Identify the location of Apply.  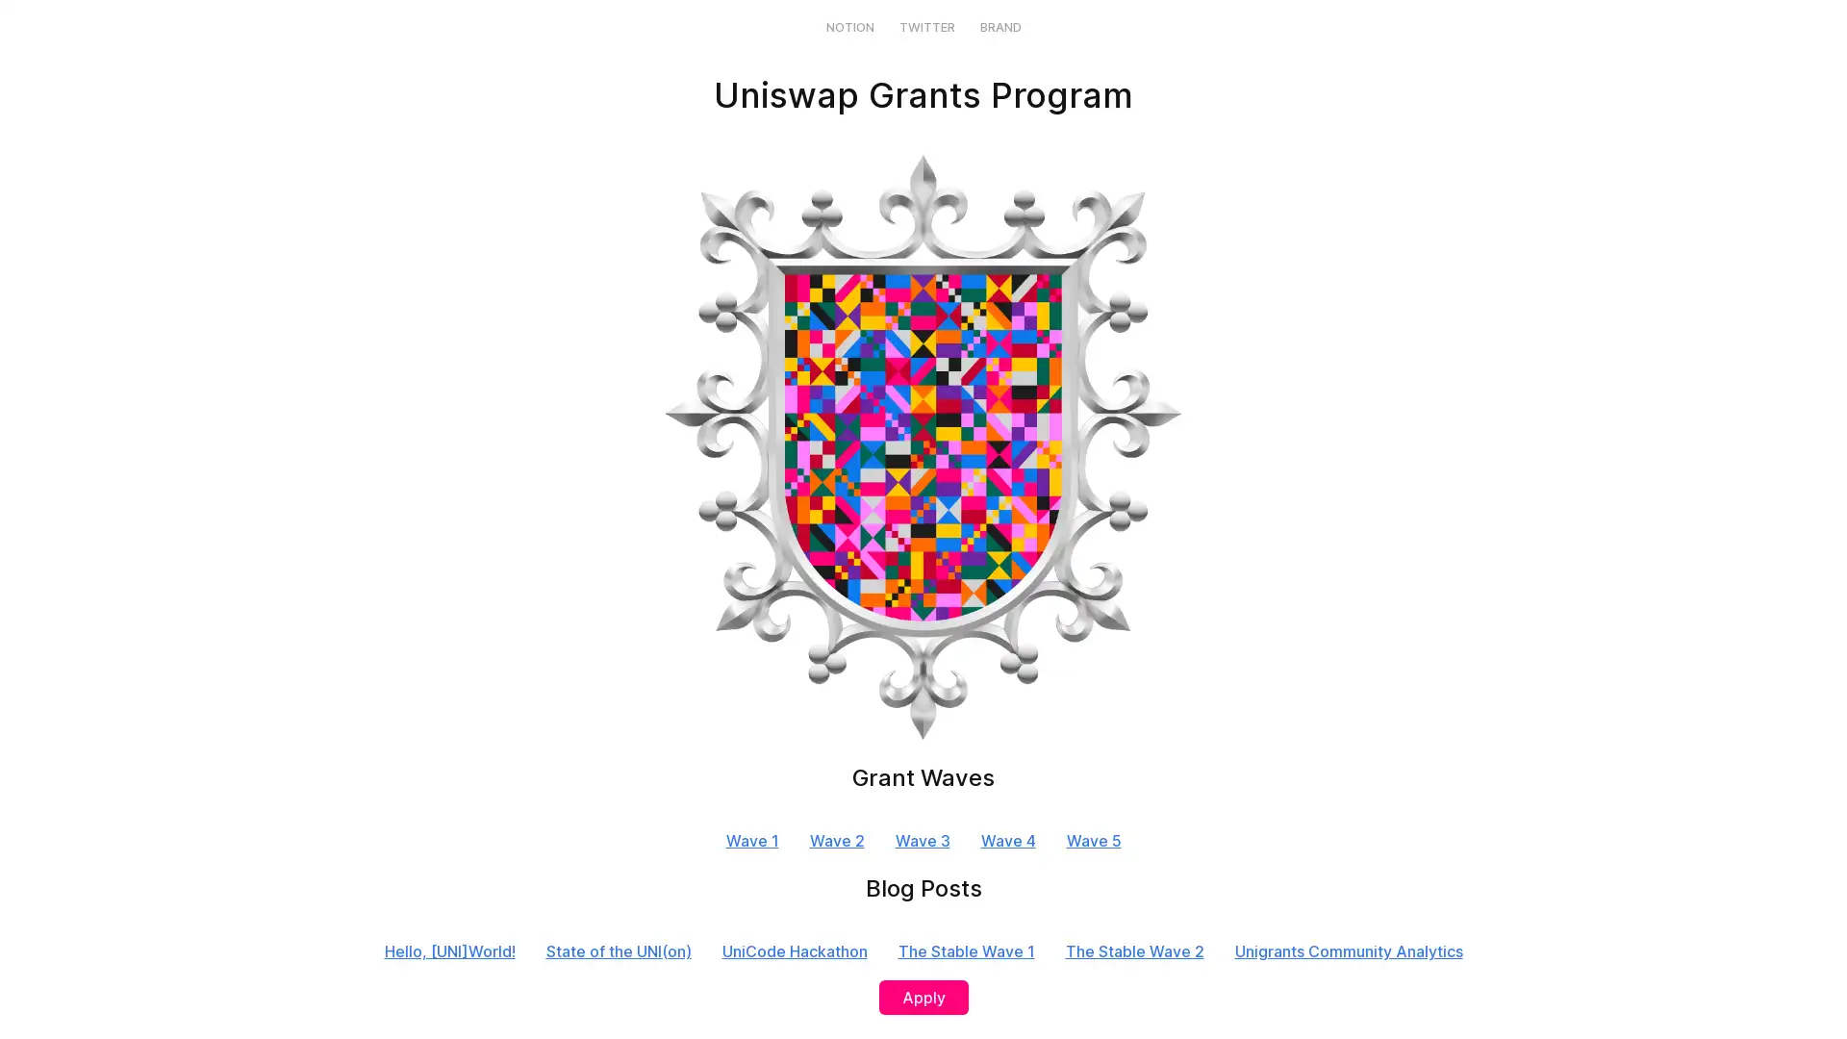
(922, 997).